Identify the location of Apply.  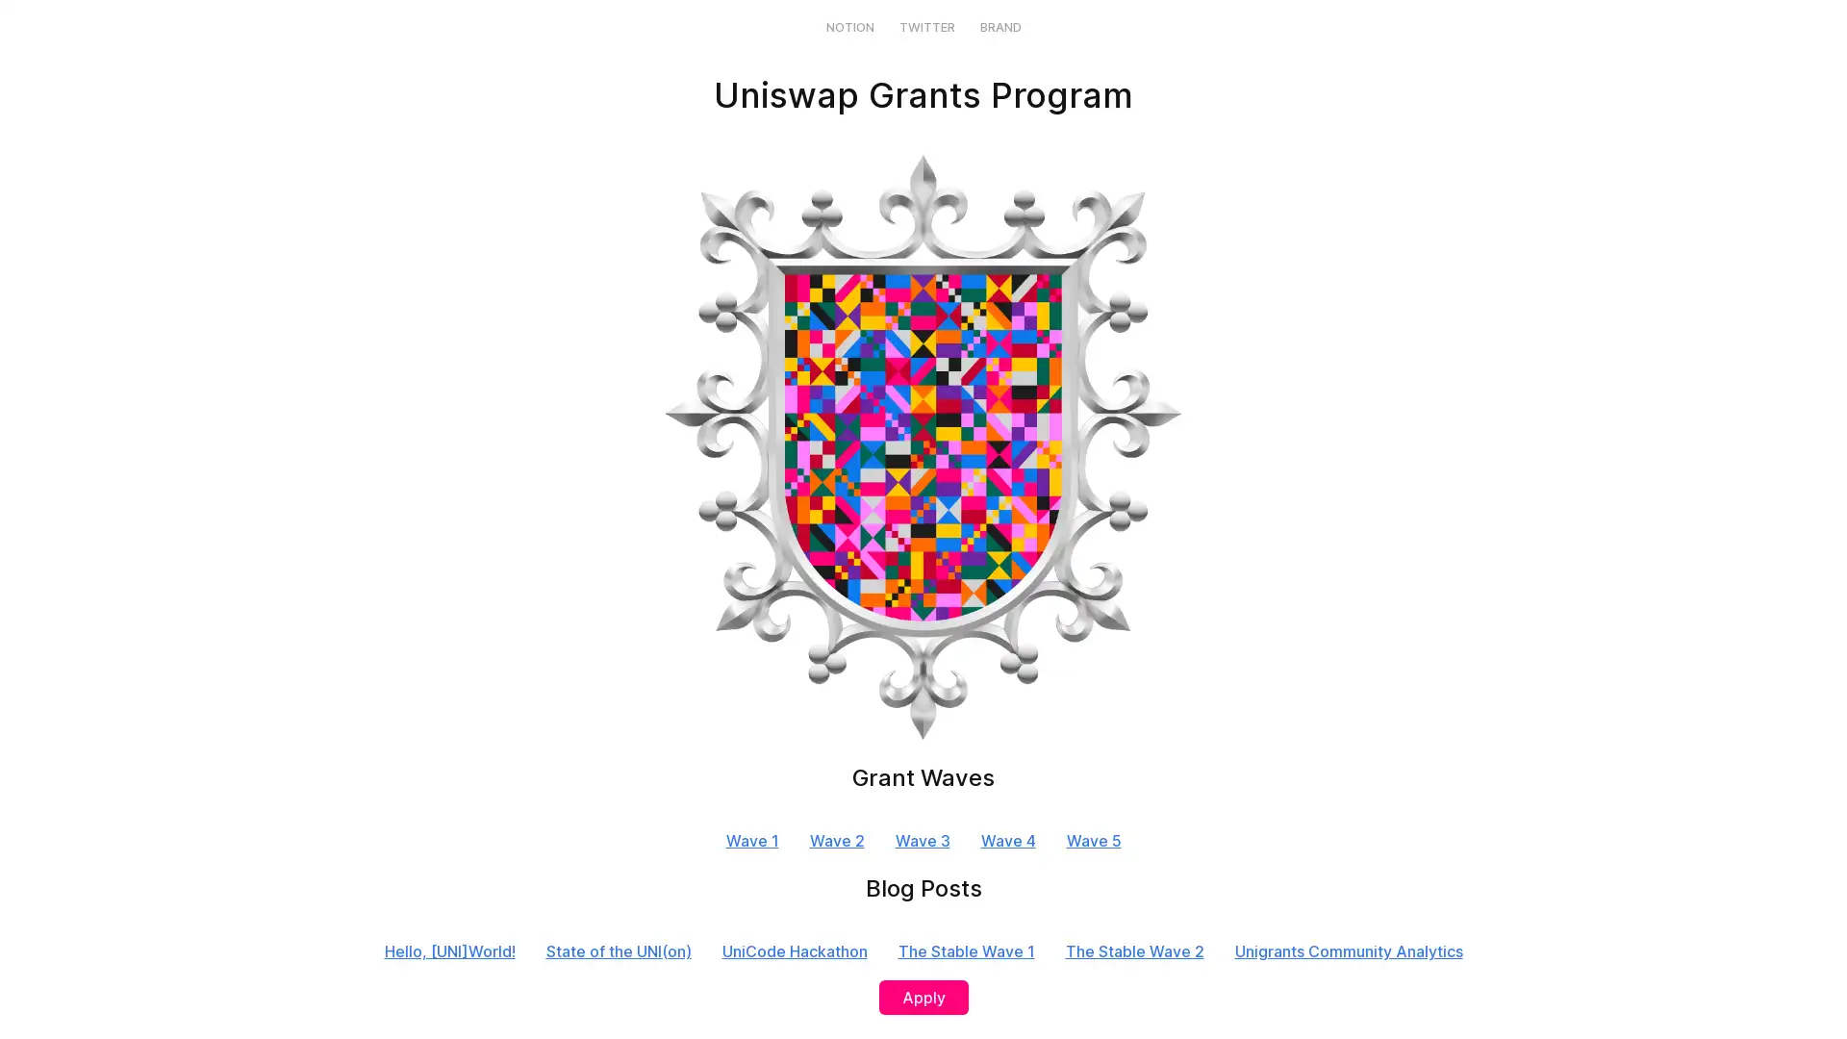
(922, 997).